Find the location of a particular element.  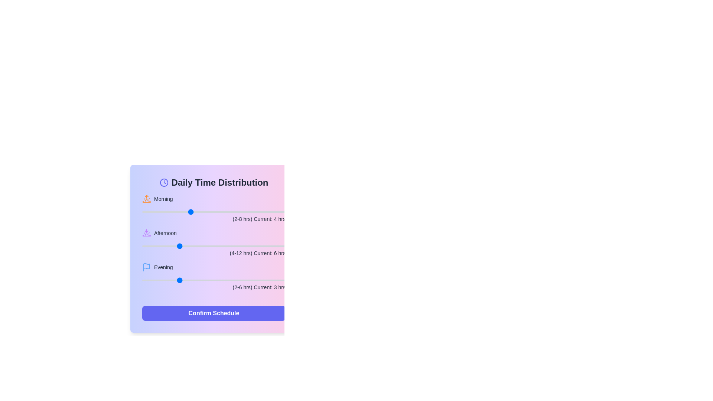

the evening time allocation is located at coordinates (142, 280).